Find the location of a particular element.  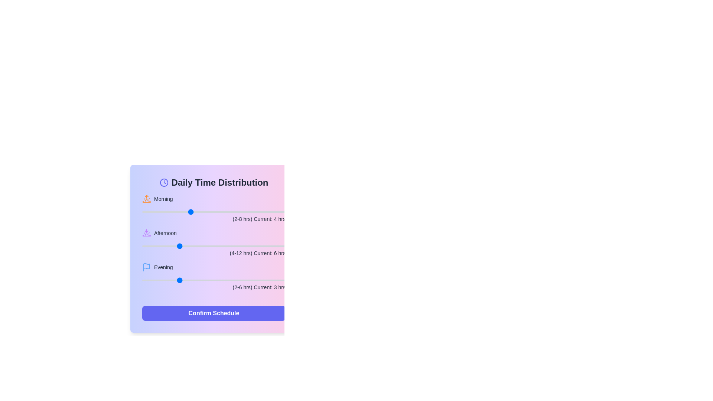

the evening time allocation is located at coordinates (142, 280).